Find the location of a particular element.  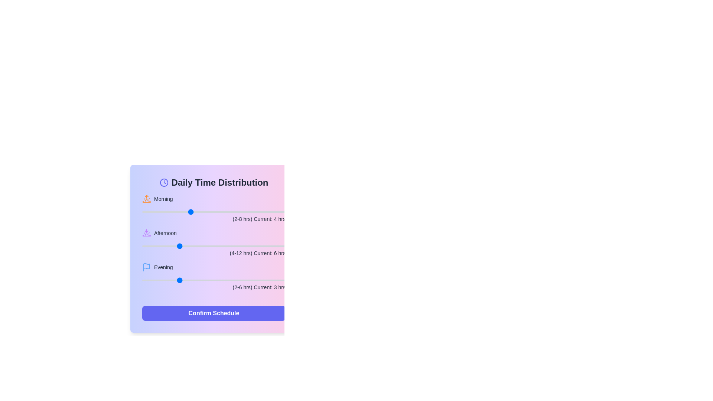

the evening time allocation is located at coordinates (142, 280).